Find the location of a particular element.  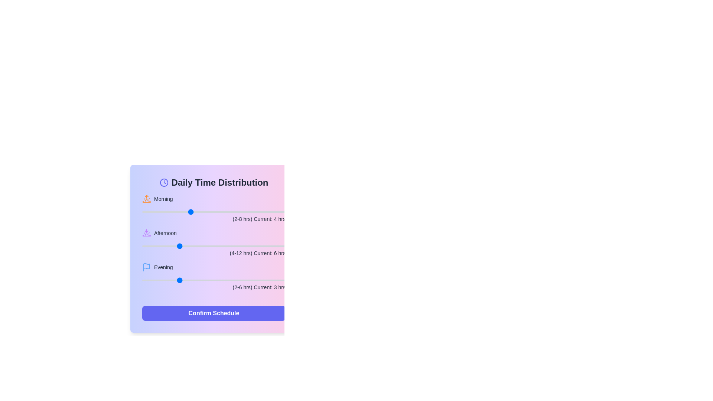

the evening time allocation is located at coordinates (142, 280).